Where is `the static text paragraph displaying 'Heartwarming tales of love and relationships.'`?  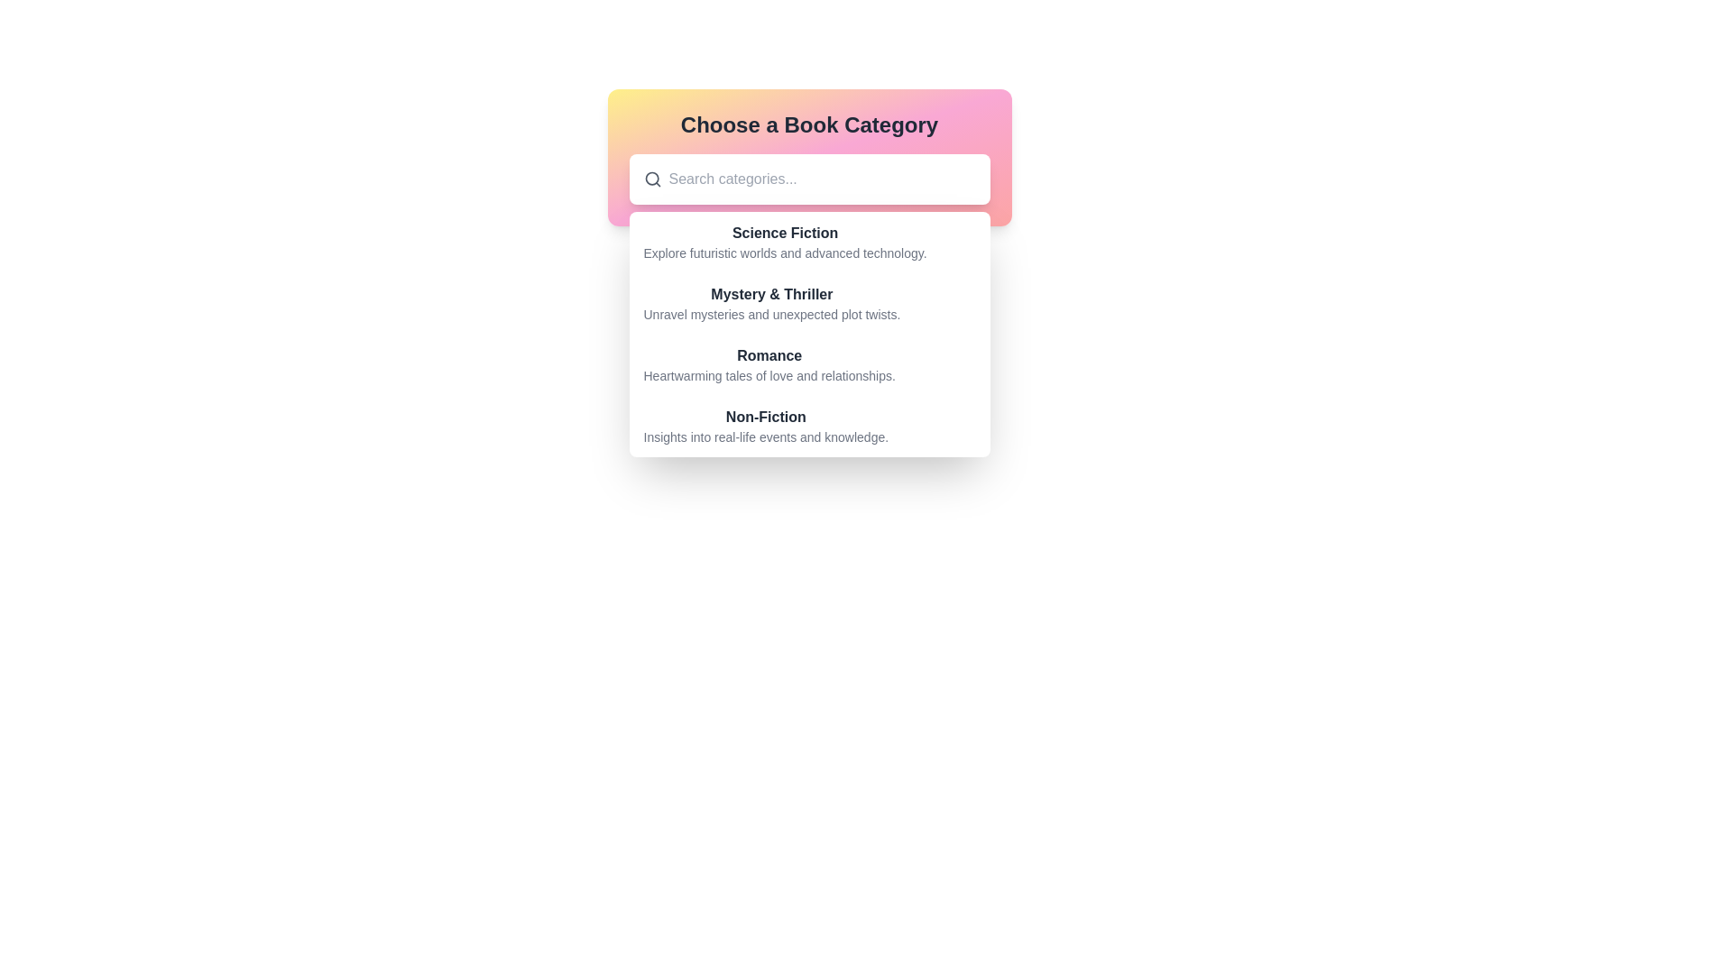 the static text paragraph displaying 'Heartwarming tales of love and relationships.' is located at coordinates (769, 374).